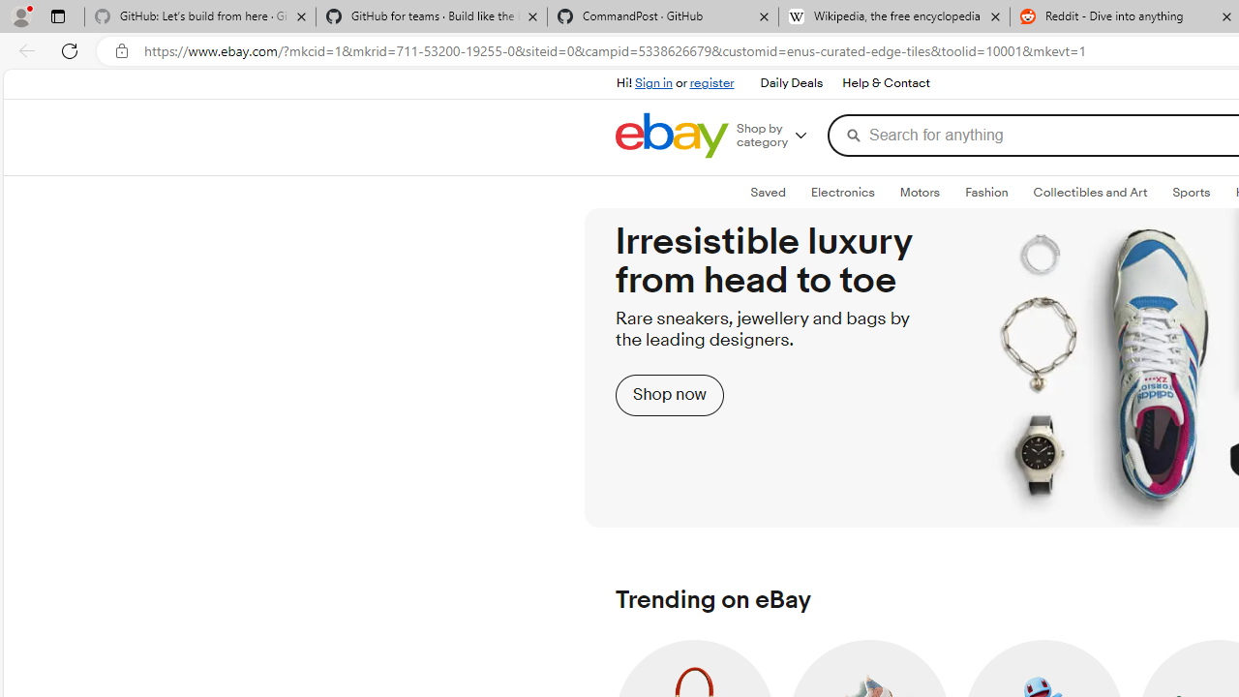  Describe the element at coordinates (884, 82) in the screenshot. I see `'Help & Contact'` at that location.